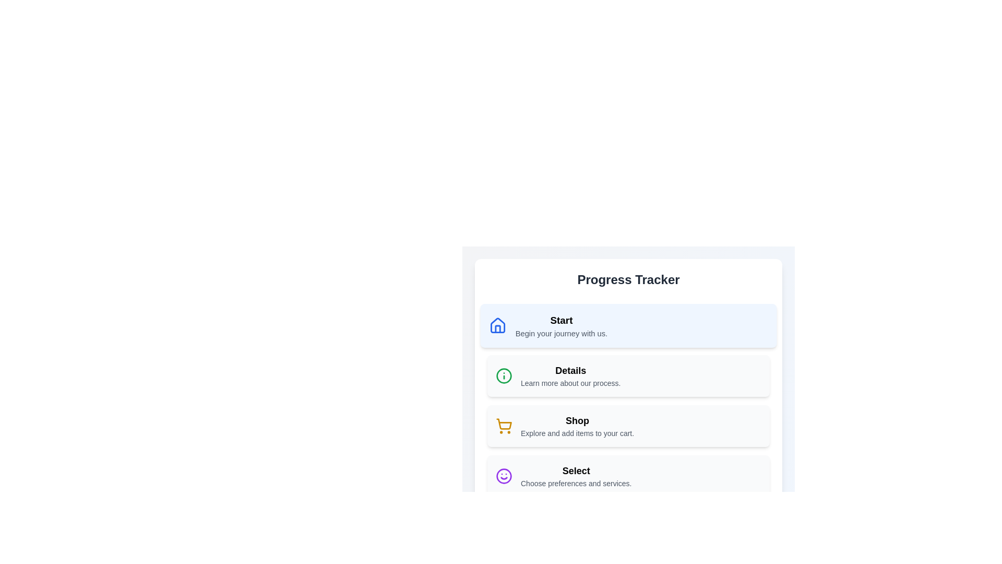 The image size is (1002, 564). Describe the element at coordinates (628, 362) in the screenshot. I see `the second card in the vertical list of the 'Progress Tracker' section, which is located below the 'Start' card and above the 'Shop' card` at that location.